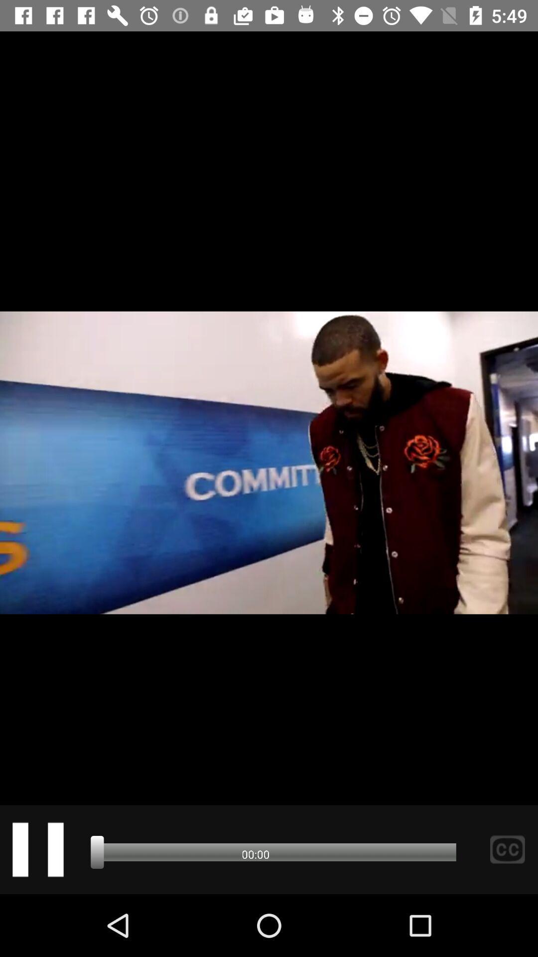 This screenshot has height=957, width=538. What do you see at coordinates (507, 849) in the screenshot?
I see `the sliders icon` at bounding box center [507, 849].